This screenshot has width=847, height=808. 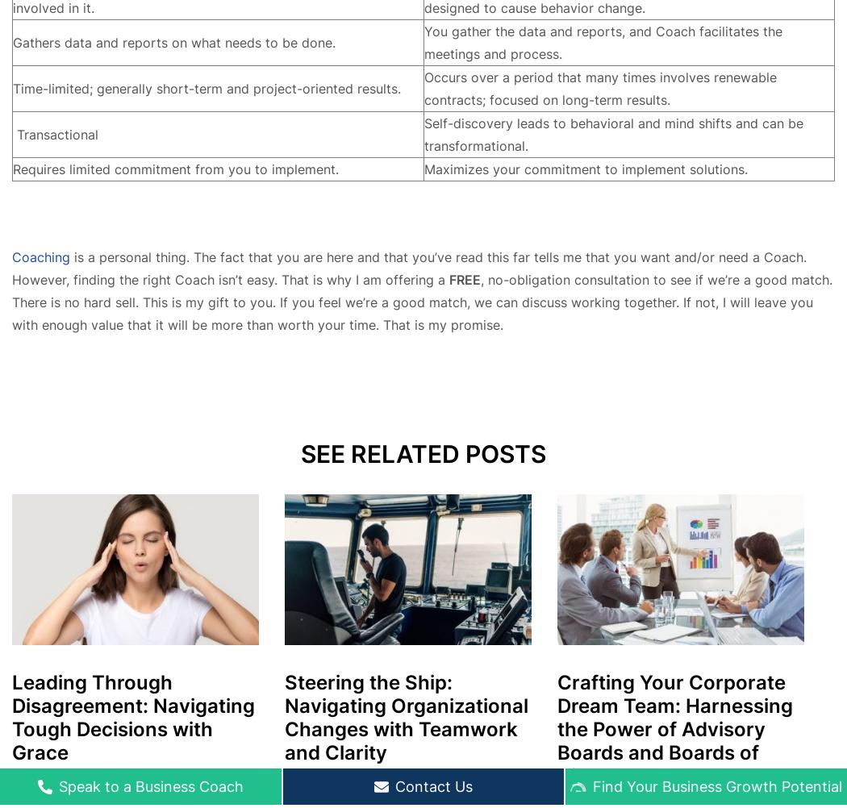 What do you see at coordinates (612, 133) in the screenshot?
I see `'Self-discovery leads to behavioral and mind shifts and can be transformational.'` at bounding box center [612, 133].